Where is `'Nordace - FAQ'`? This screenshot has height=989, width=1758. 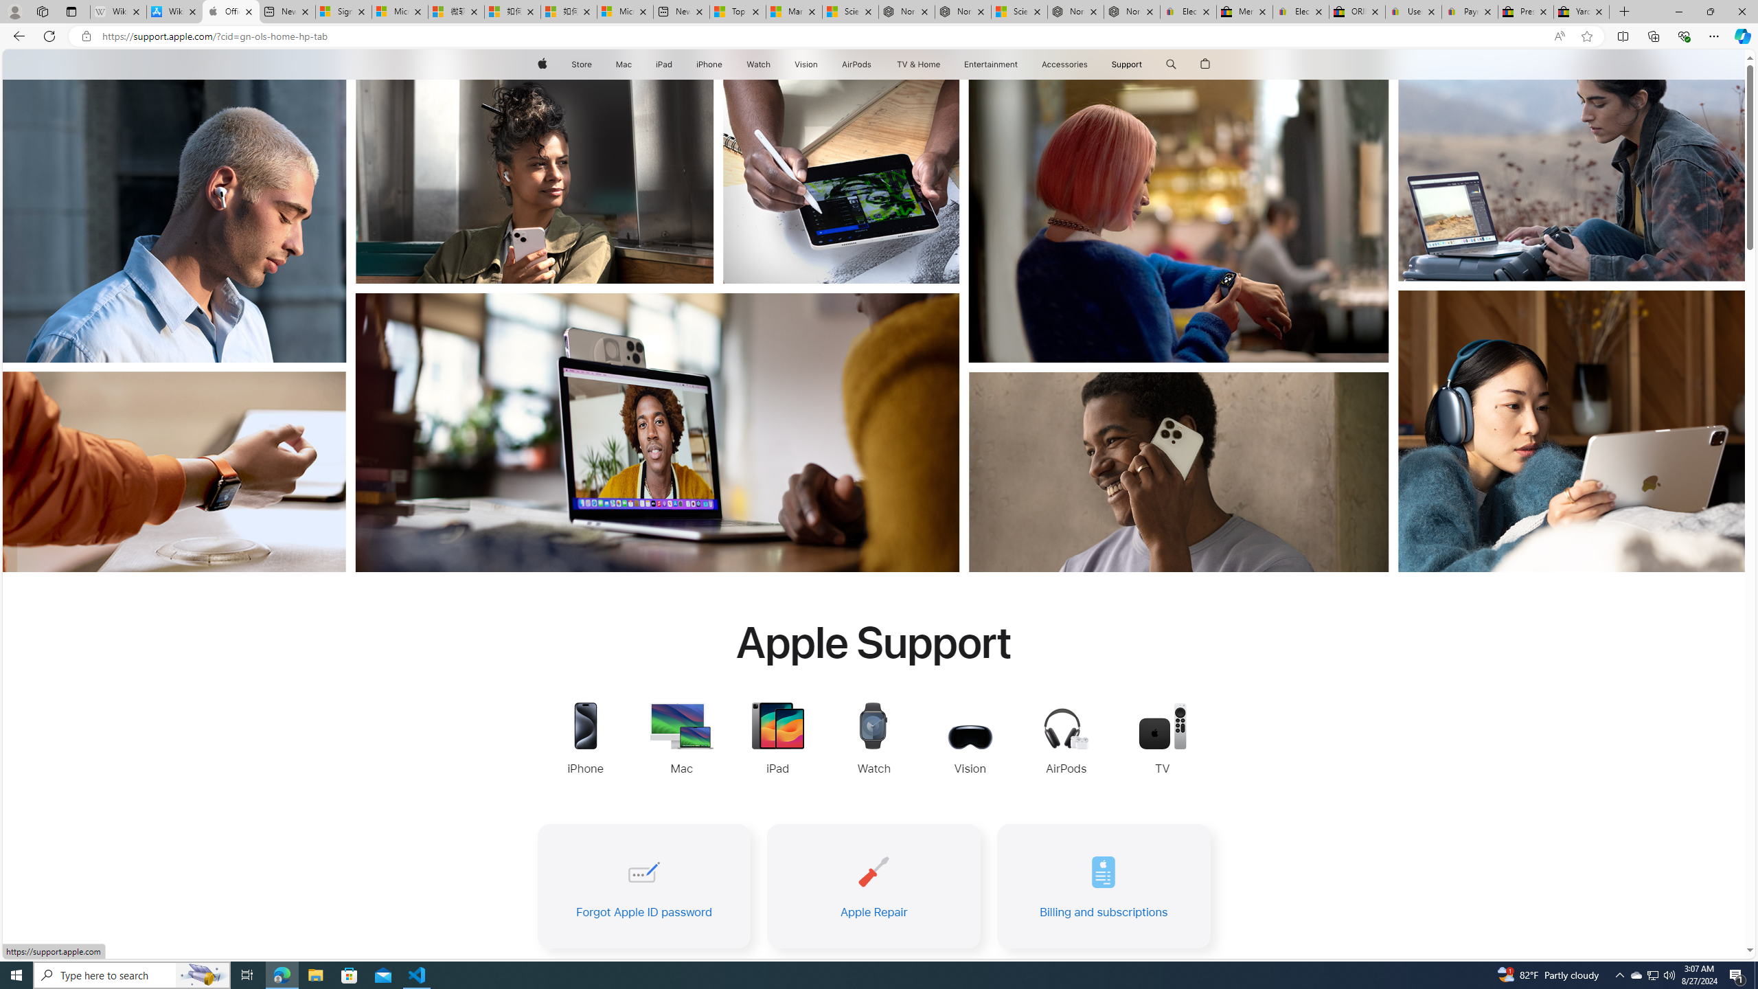 'Nordace - FAQ' is located at coordinates (1131, 11).